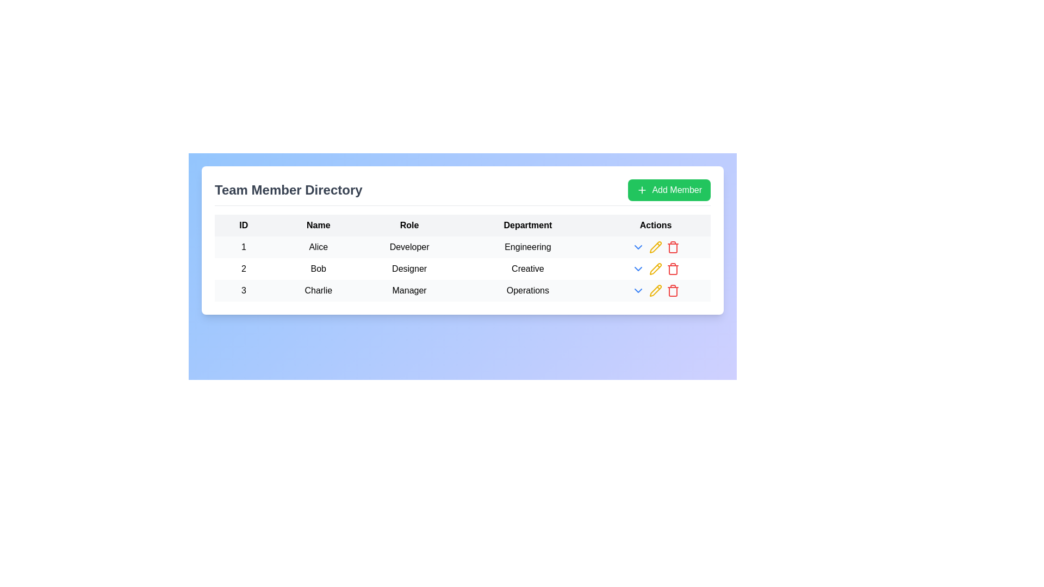  I want to click on the third row in the visible table that contains user information, located between the second row (Bob) and the empty area beneath the table, so click(462, 290).